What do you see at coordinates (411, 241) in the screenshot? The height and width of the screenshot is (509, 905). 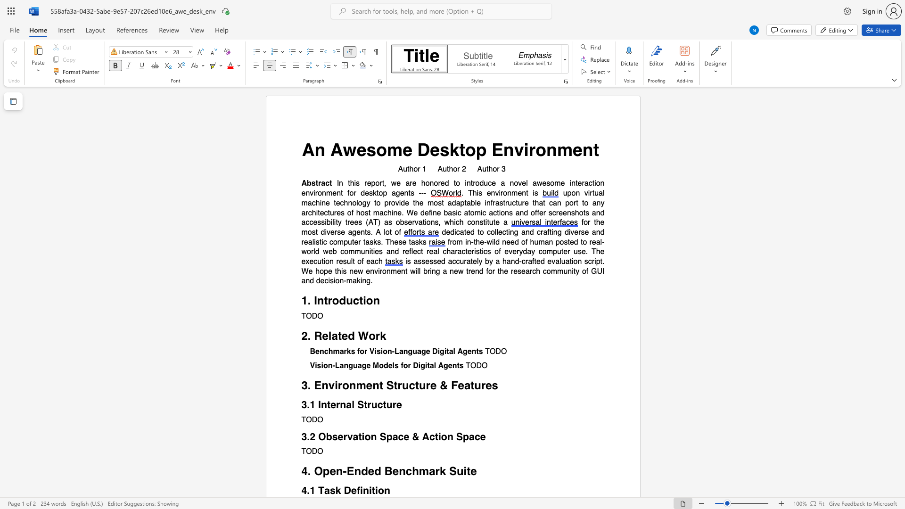 I see `the subset text "asks" within the text "dedicated to collecting and crafting diverse and realistic computer tasks. These tasks"` at bounding box center [411, 241].